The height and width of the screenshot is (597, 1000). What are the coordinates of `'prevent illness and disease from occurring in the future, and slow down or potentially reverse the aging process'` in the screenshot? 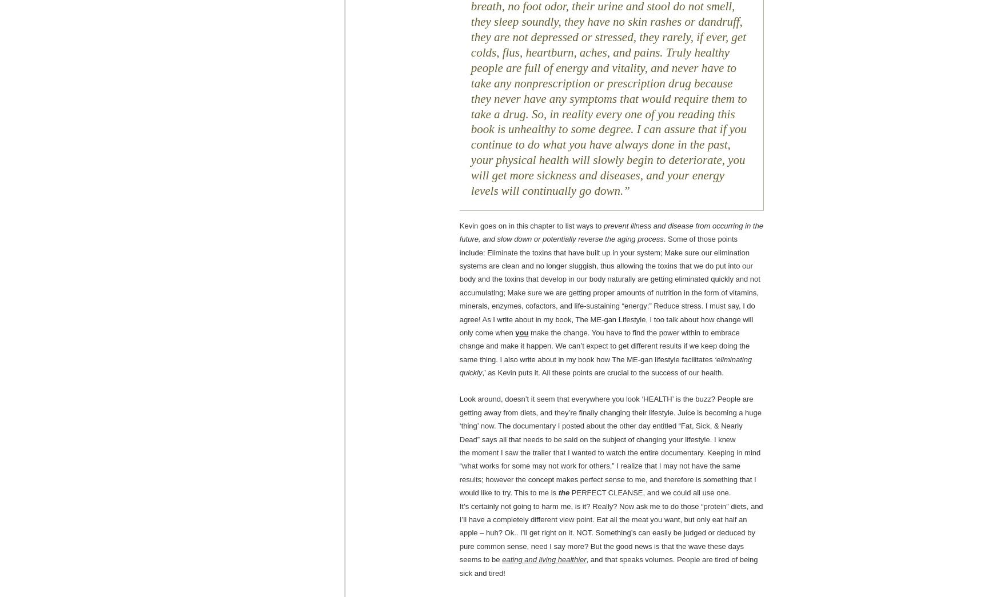 It's located at (611, 231).